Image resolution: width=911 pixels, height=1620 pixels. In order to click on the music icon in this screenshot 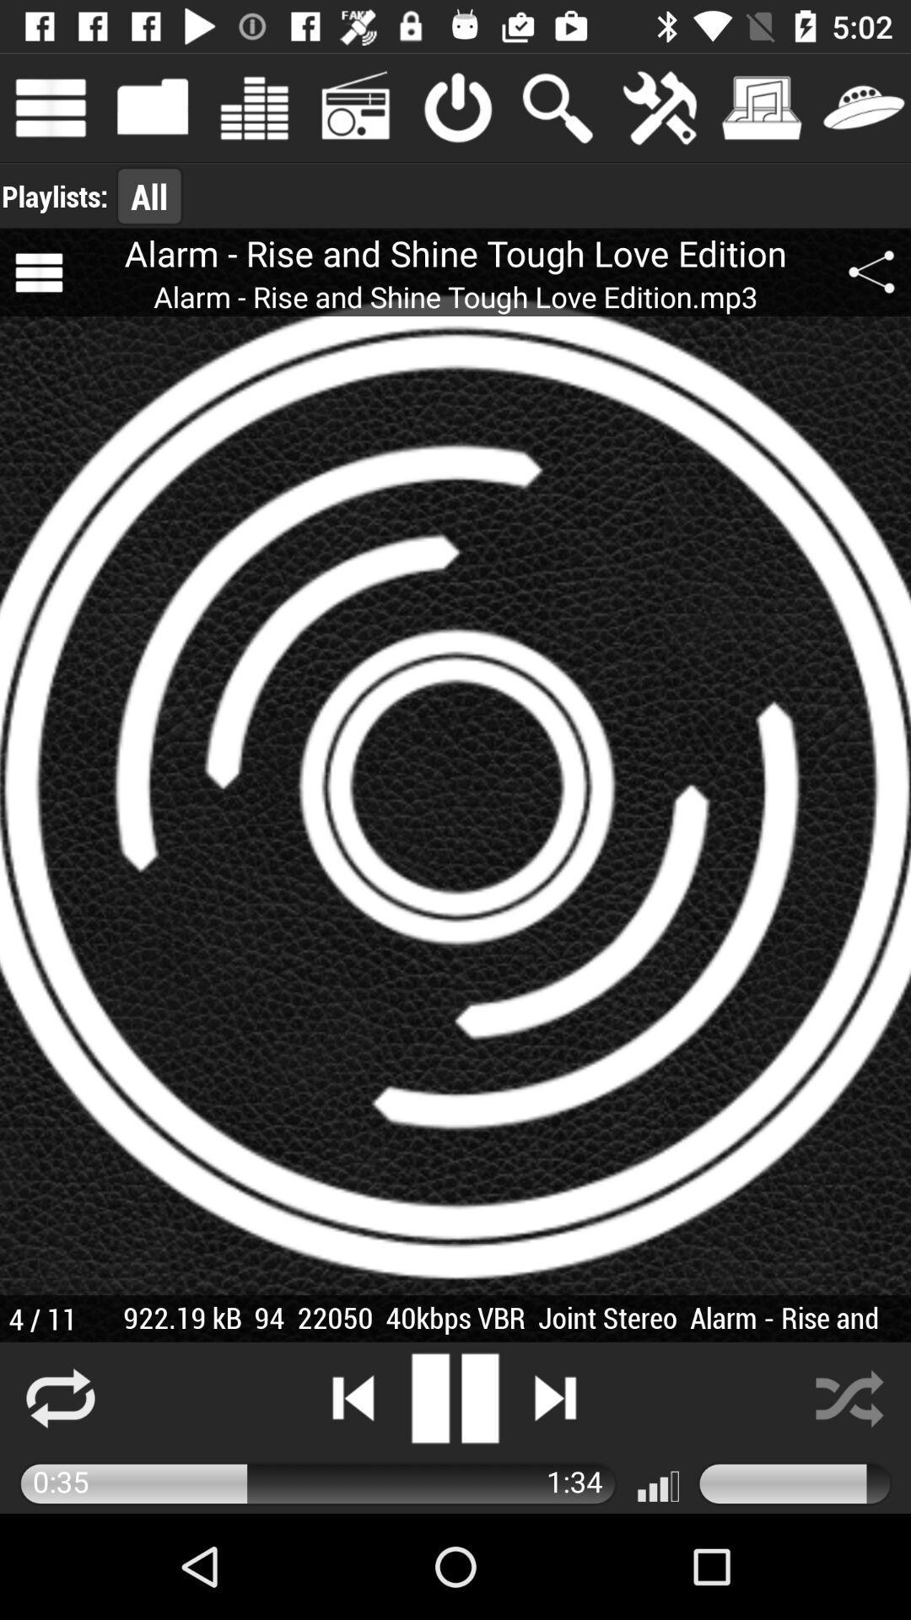, I will do `click(762, 106)`.